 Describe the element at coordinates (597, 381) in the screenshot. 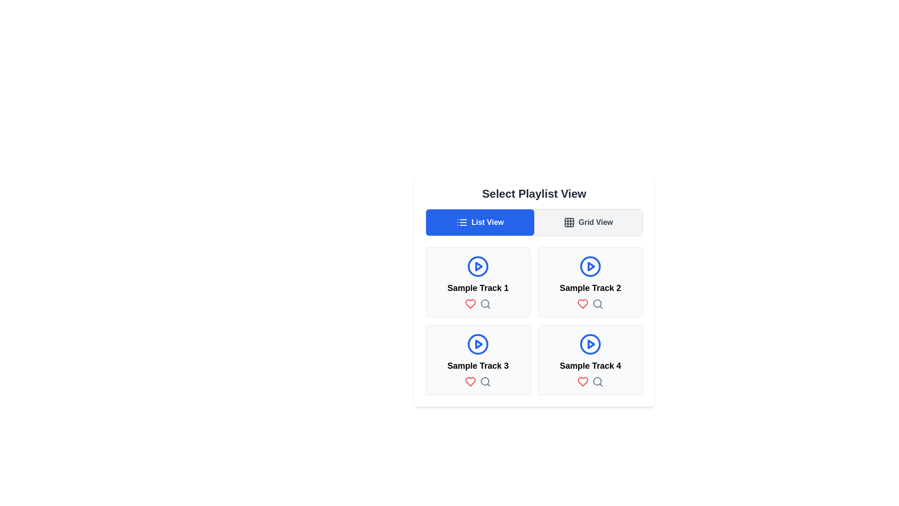

I see `the inner circle of the magnifying glass icon, which represents the search functionality` at that location.